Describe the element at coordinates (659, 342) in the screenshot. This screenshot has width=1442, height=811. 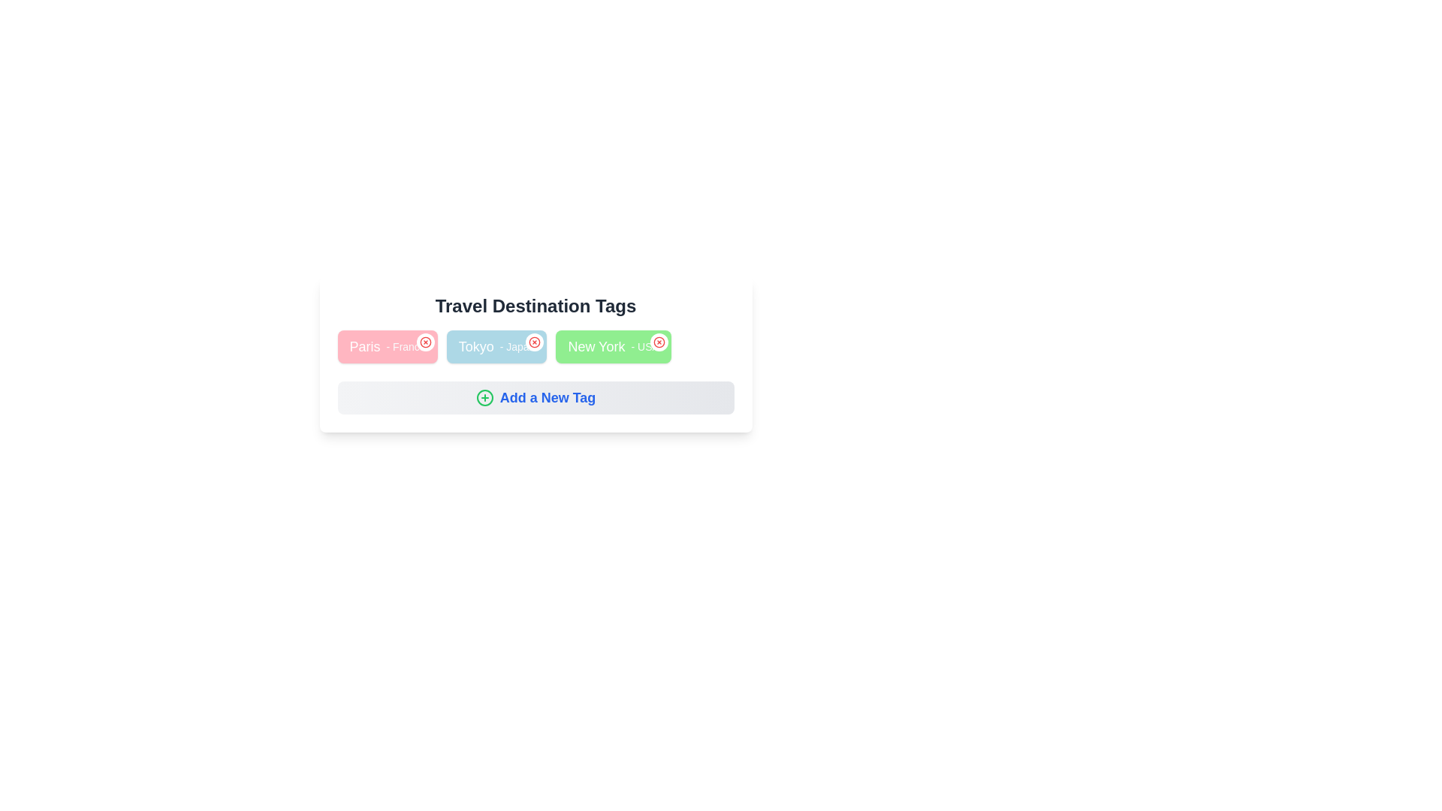
I see `the close button of the tag labeled New York- USA` at that location.